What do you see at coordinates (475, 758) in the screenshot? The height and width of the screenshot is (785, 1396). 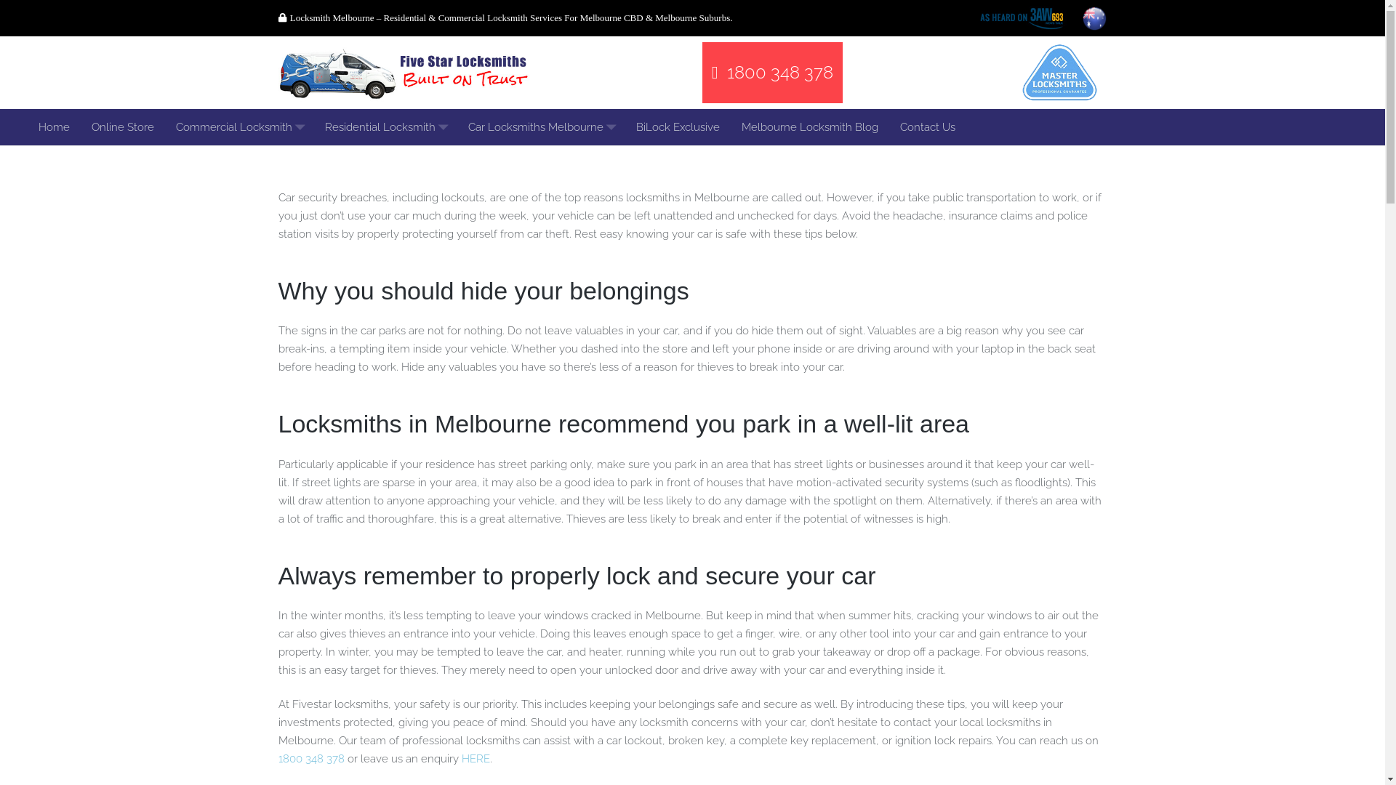 I see `'HERE'` at bounding box center [475, 758].